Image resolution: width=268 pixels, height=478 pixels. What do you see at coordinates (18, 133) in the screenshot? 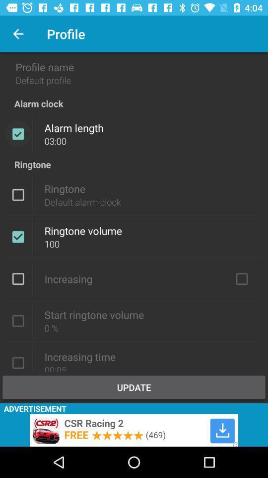
I see `remove alarm duration` at bounding box center [18, 133].